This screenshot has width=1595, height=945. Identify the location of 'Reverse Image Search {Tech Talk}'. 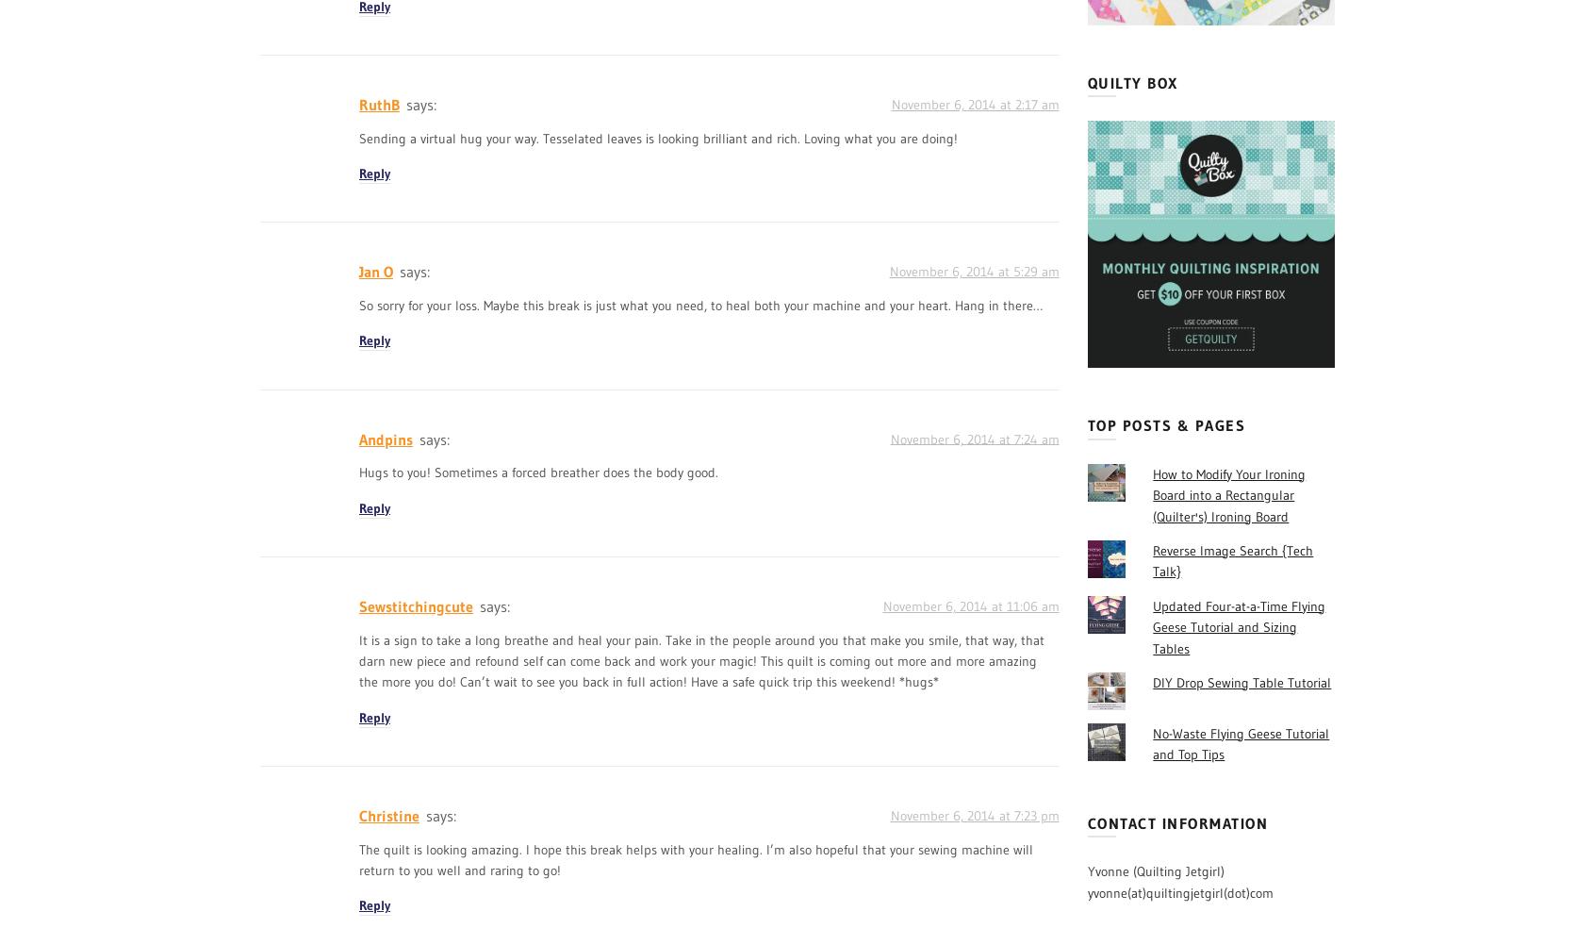
(1231, 559).